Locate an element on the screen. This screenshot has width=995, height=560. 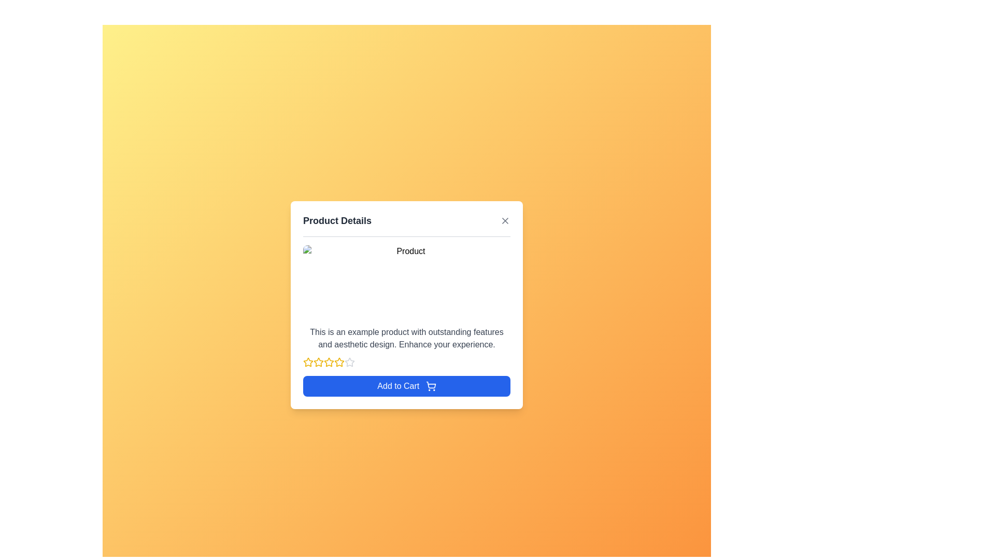
the second star icon in the user rating system is located at coordinates (318, 361).